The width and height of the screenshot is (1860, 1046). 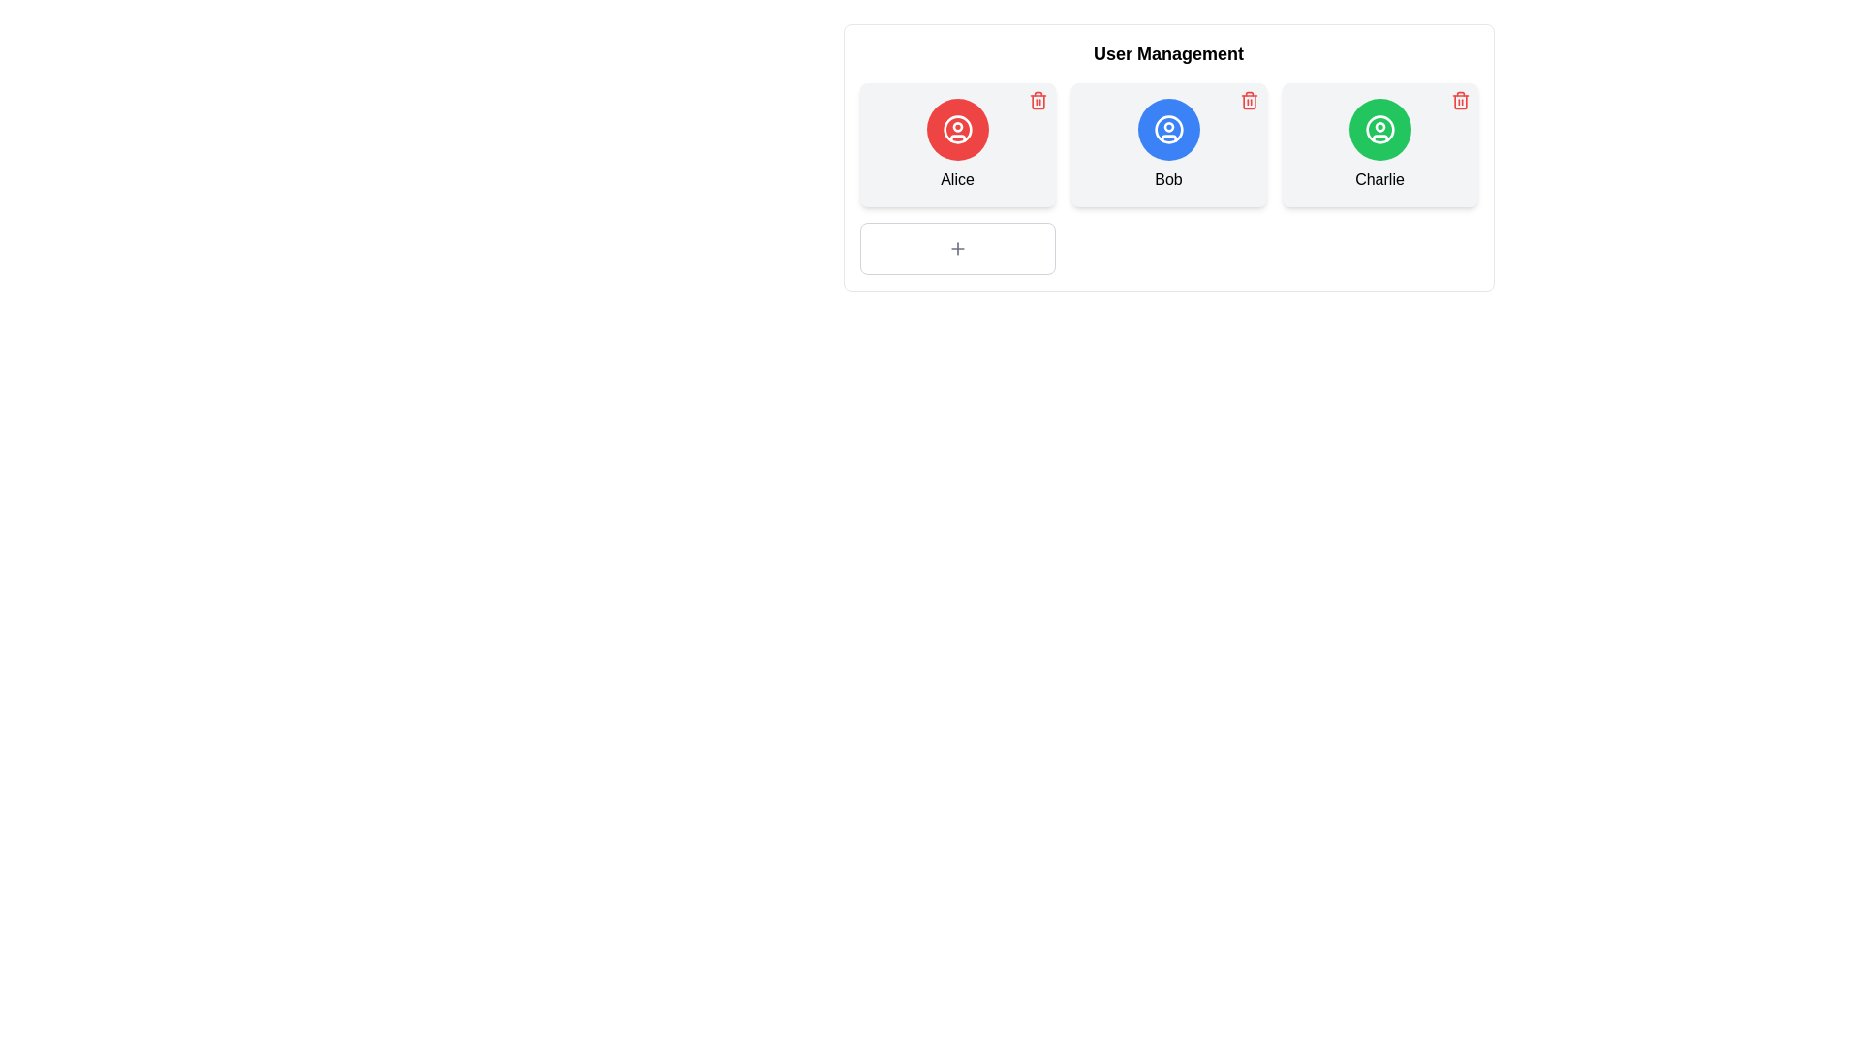 What do you see at coordinates (957, 179) in the screenshot?
I see `text label that identifies the user associated with the first card in the horizontal row of user cards, located centrally below the user icon` at bounding box center [957, 179].